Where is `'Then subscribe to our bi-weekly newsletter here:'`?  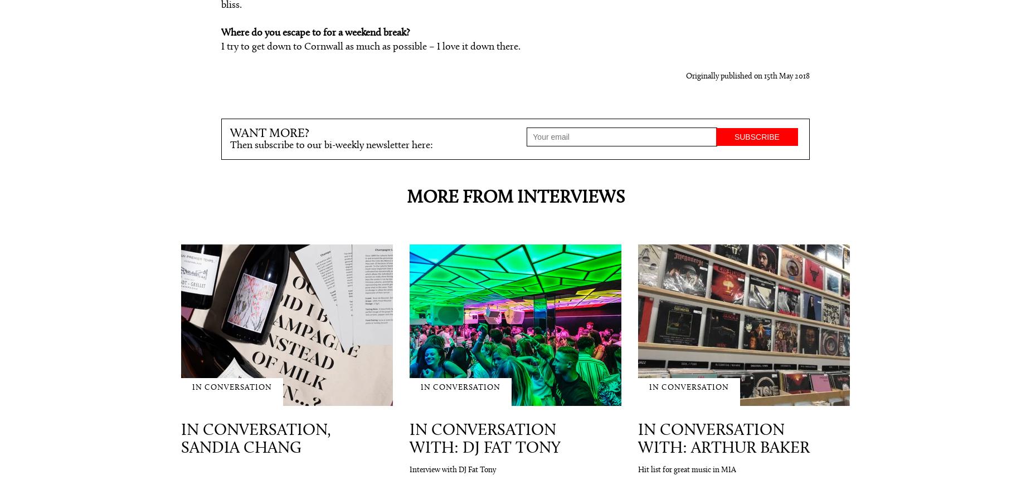 'Then subscribe to our bi-weekly newsletter here:' is located at coordinates (331, 145).